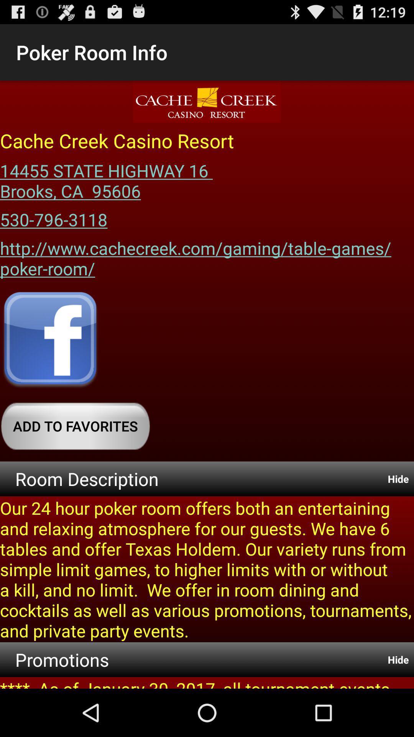 This screenshot has height=737, width=414. Describe the element at coordinates (53, 216) in the screenshot. I see `the item below 14455 state highway app` at that location.